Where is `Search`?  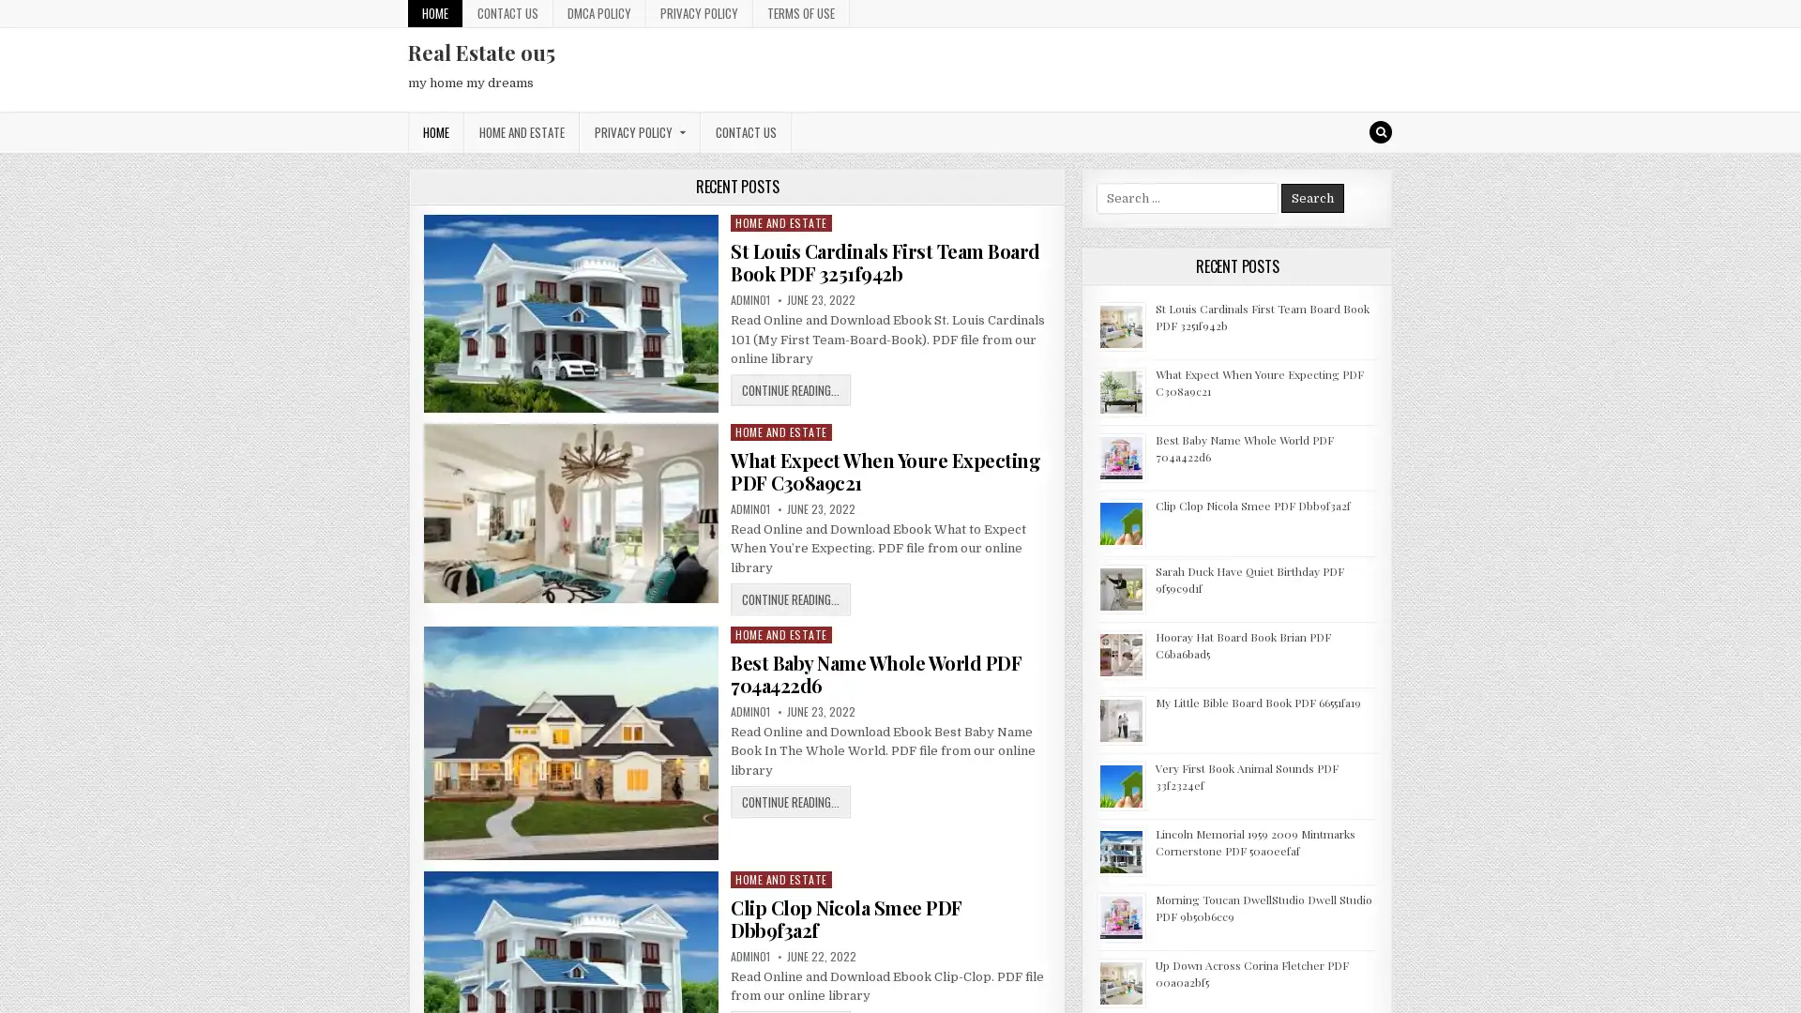
Search is located at coordinates (1311, 198).